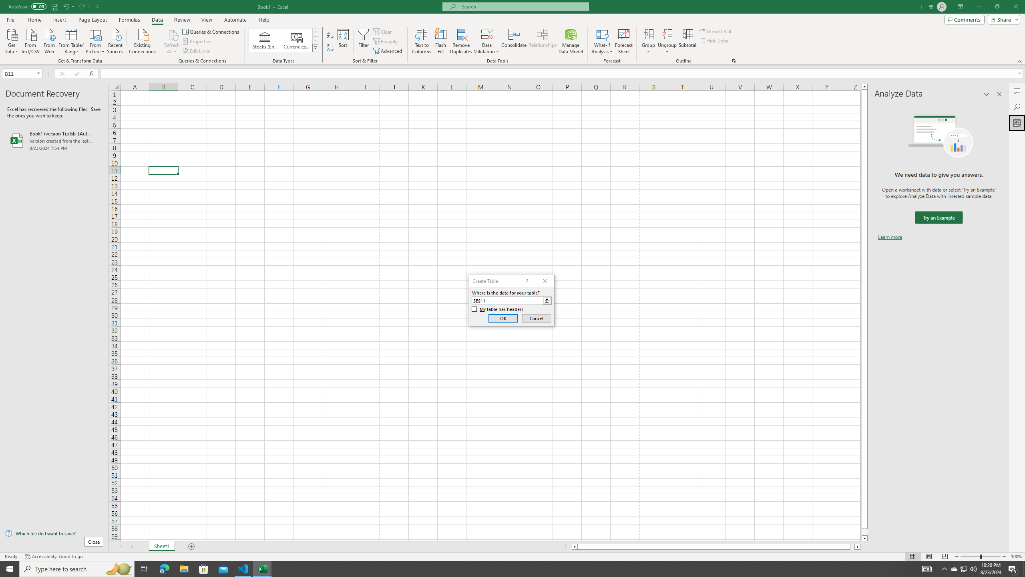 The image size is (1025, 577). I want to click on 'Queries & Connections', so click(211, 31).